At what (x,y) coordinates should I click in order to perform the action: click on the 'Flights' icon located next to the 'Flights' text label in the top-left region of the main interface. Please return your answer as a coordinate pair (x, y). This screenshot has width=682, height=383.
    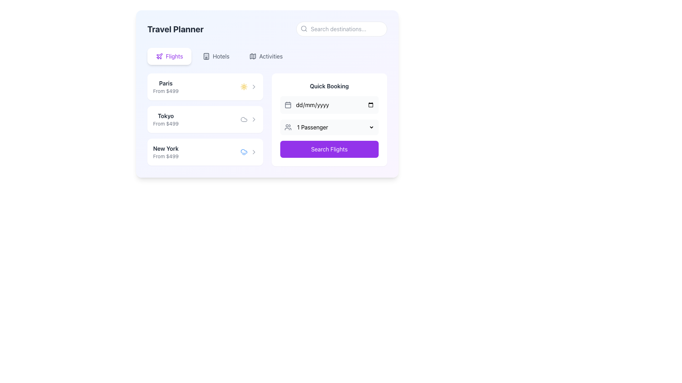
    Looking at the image, I should click on (159, 56).